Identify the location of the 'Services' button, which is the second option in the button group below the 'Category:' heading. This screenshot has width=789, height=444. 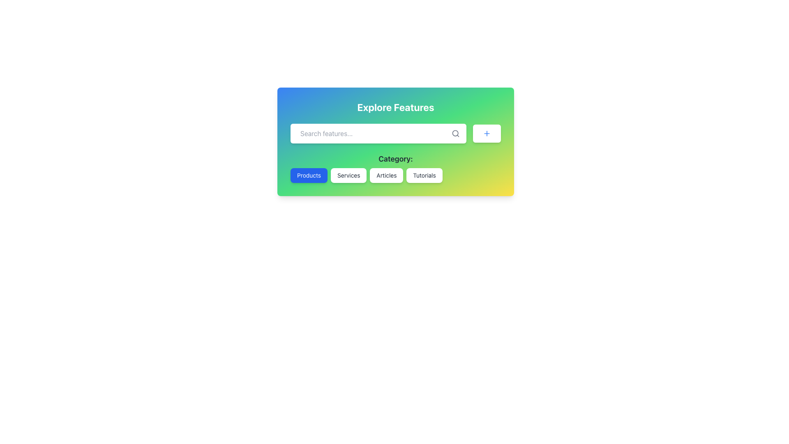
(348, 175).